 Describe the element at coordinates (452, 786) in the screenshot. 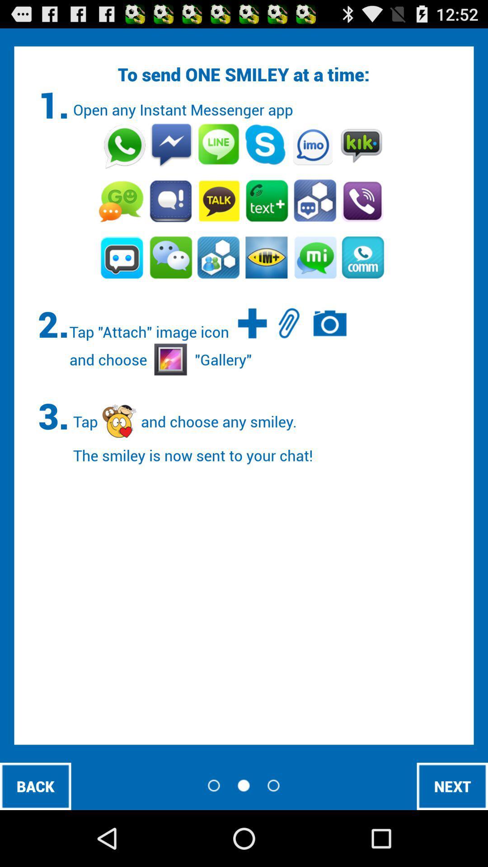

I see `button at the bottom right corner` at that location.